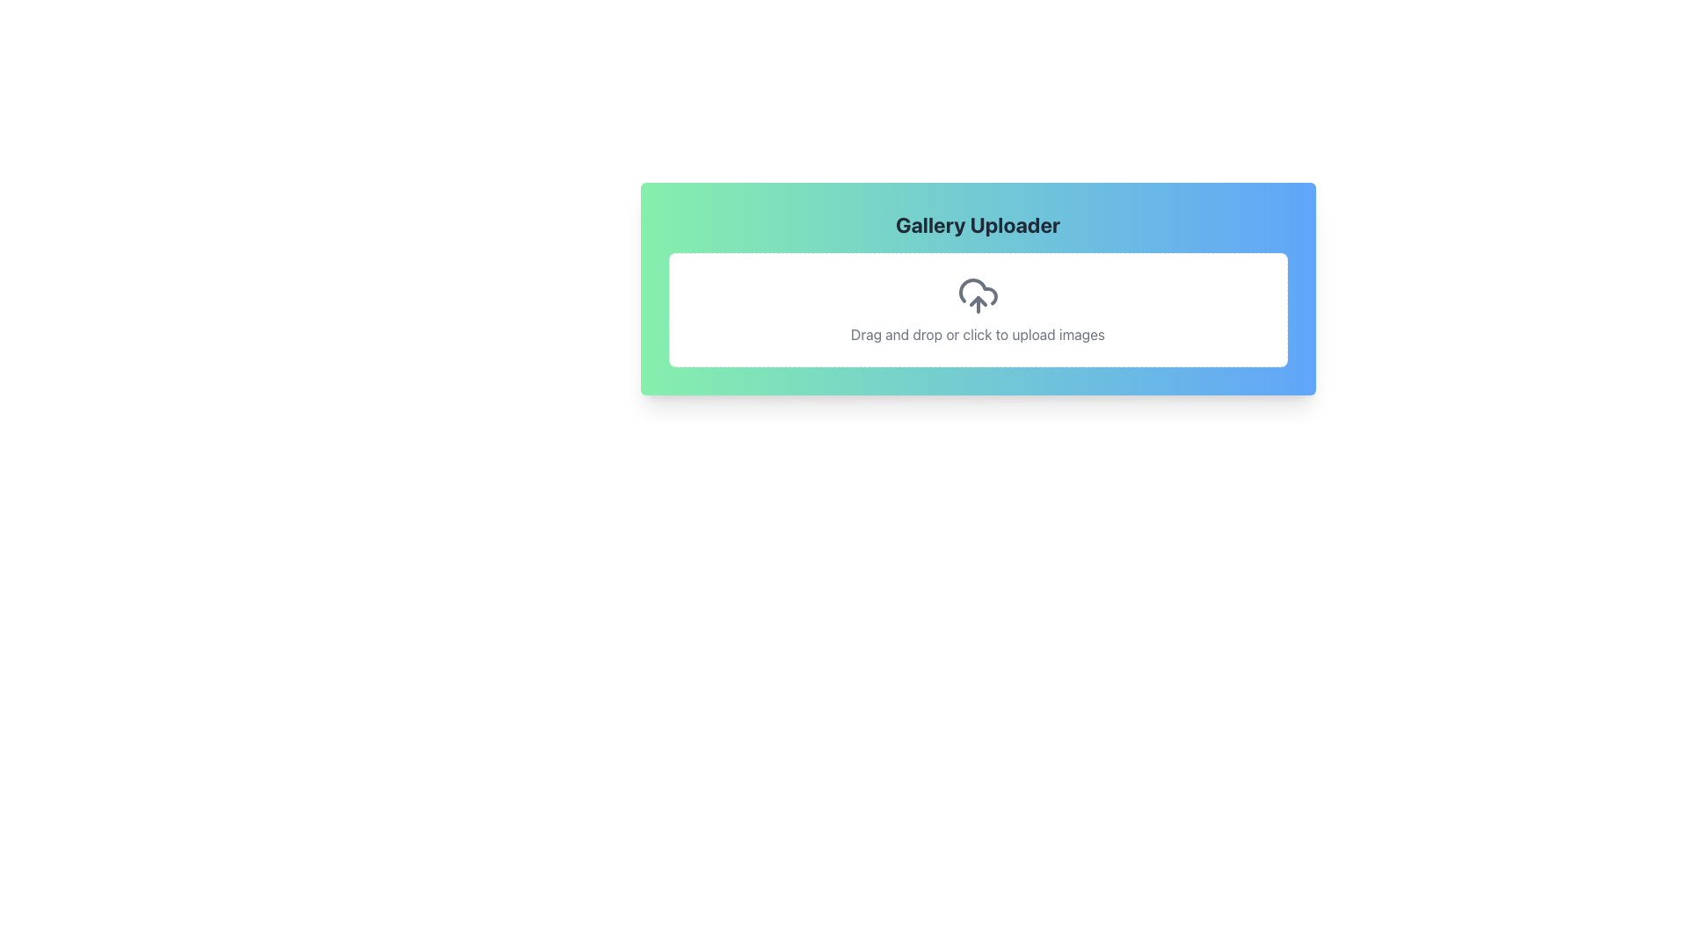 This screenshot has height=949, width=1688. Describe the element at coordinates (977, 301) in the screenshot. I see `the upload icon, which is visually represented by a cloud icon located in the center of the white rectangular area of the 'Gallery Uploader' component` at that location.